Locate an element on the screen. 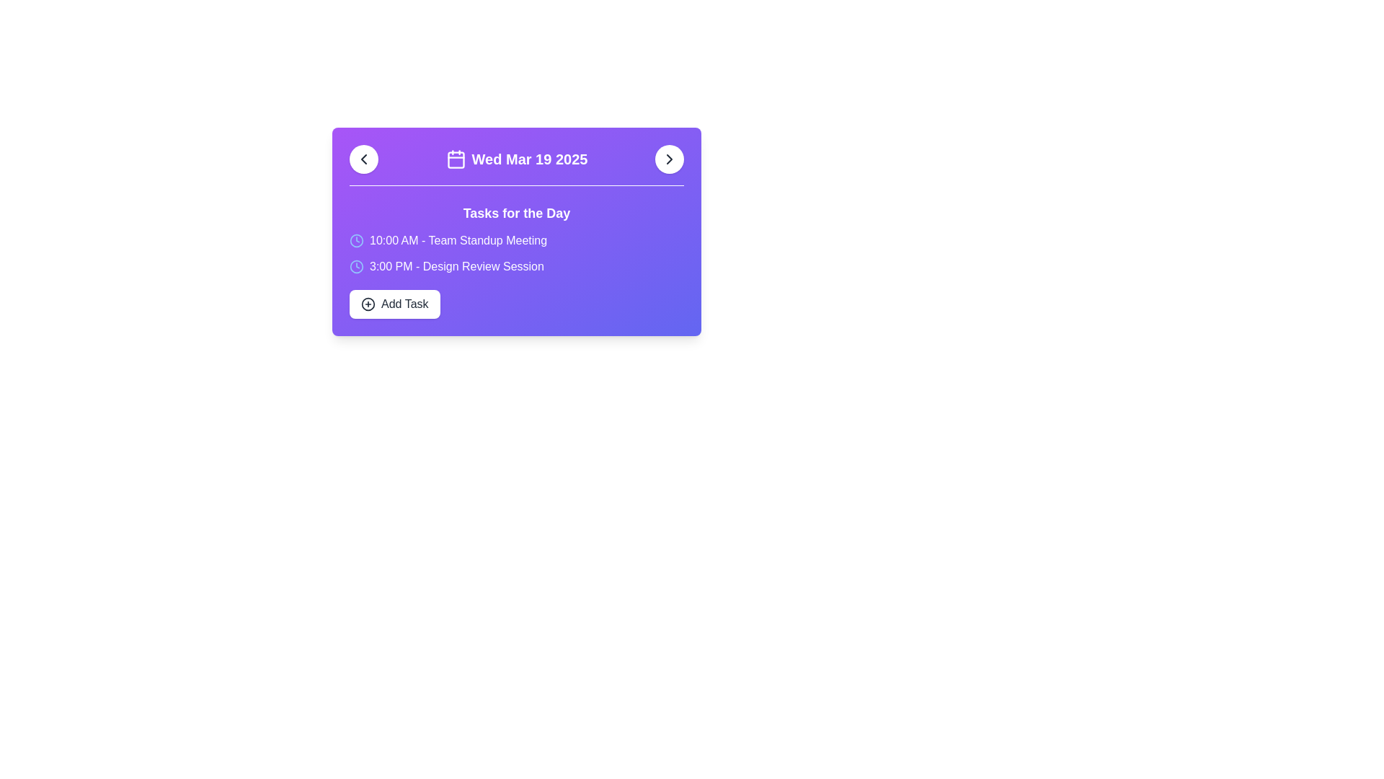 This screenshot has height=779, width=1384. the circular button with a white background and a left-pointing chevron icon is located at coordinates (363, 159).